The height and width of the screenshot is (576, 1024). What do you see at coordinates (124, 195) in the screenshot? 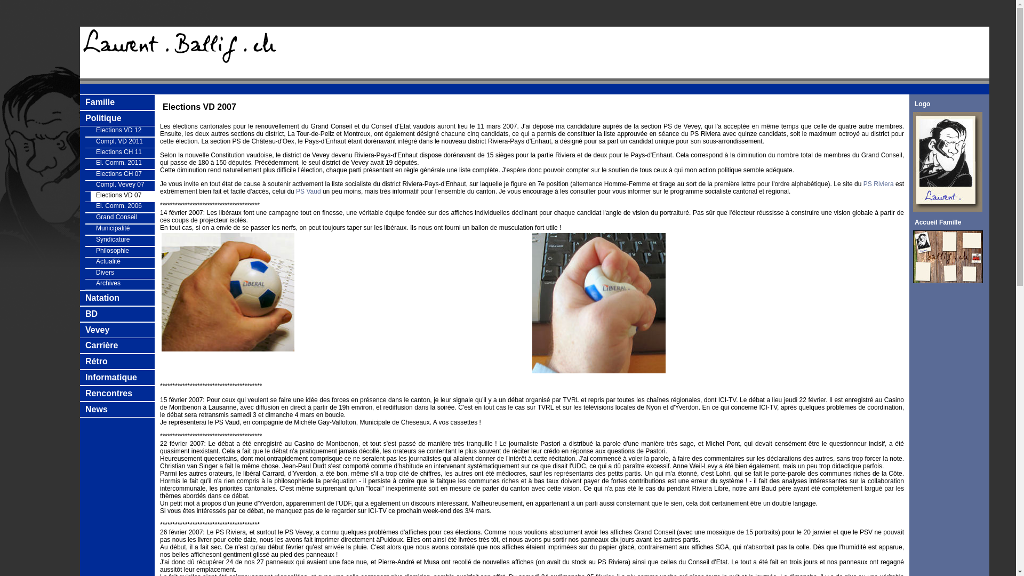
I see `'Elections VD 07'` at bounding box center [124, 195].